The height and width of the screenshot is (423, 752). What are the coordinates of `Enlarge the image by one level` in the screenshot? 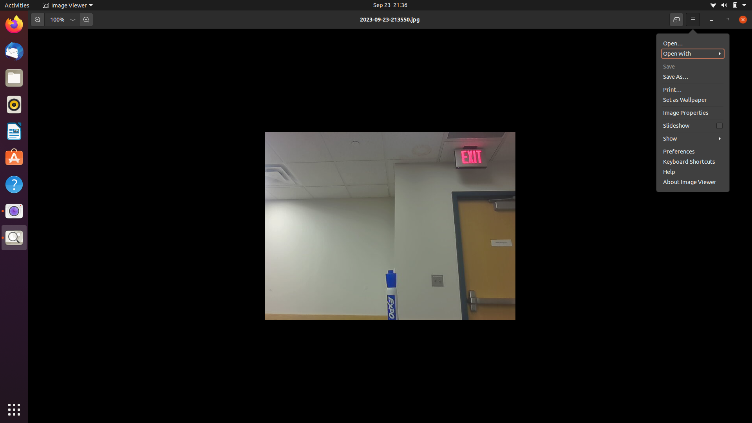 It's located at (86, 19).